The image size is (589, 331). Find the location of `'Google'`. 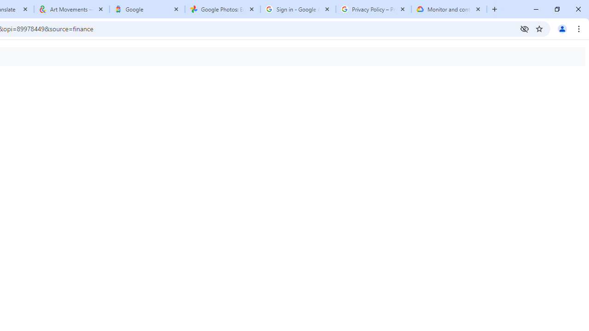

'Google' is located at coordinates (147, 9).